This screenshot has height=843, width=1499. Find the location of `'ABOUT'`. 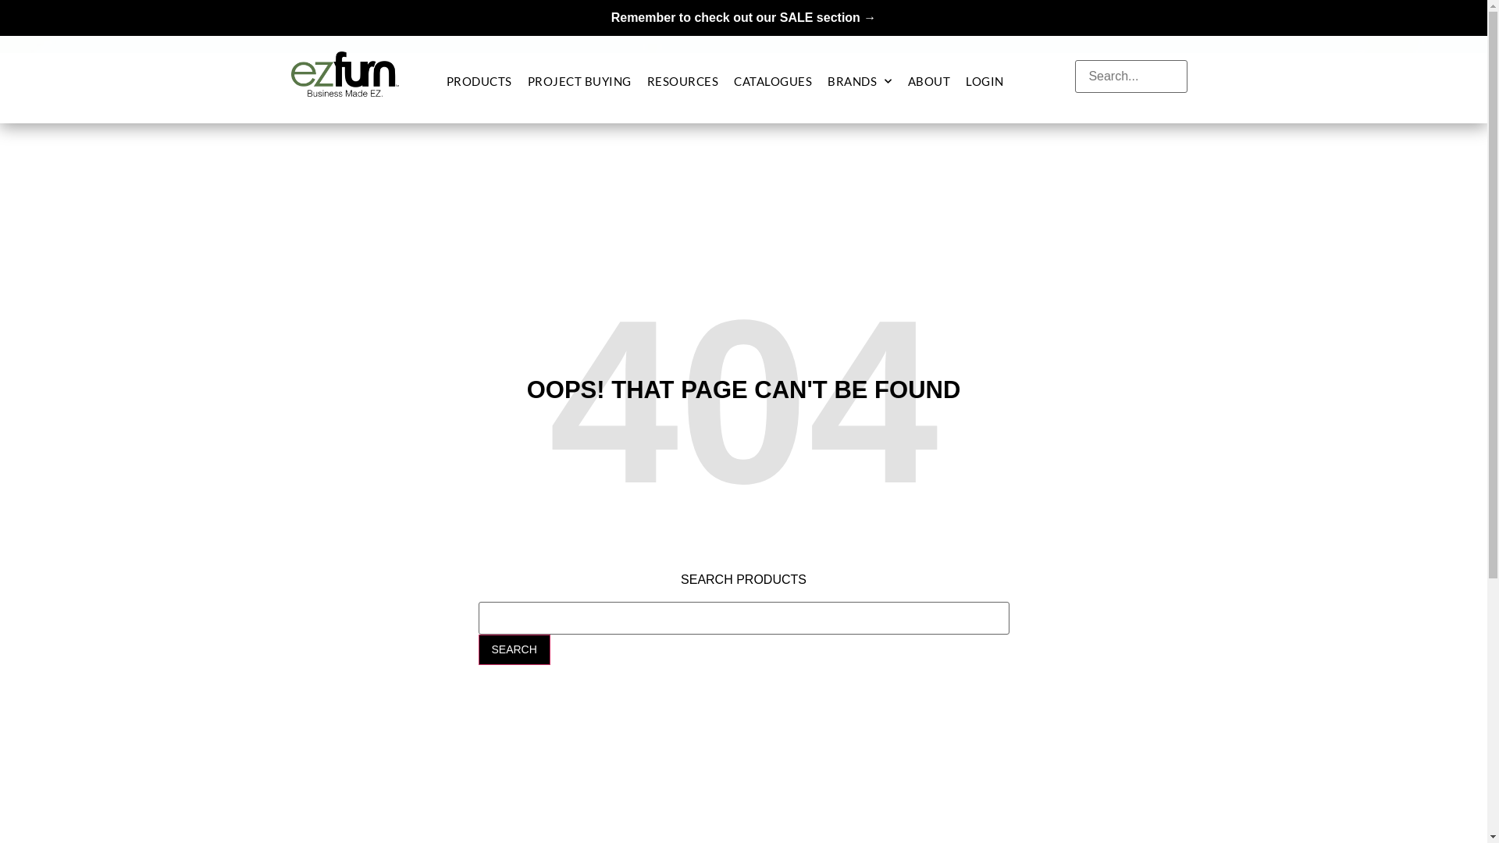

'ABOUT' is located at coordinates (929, 81).